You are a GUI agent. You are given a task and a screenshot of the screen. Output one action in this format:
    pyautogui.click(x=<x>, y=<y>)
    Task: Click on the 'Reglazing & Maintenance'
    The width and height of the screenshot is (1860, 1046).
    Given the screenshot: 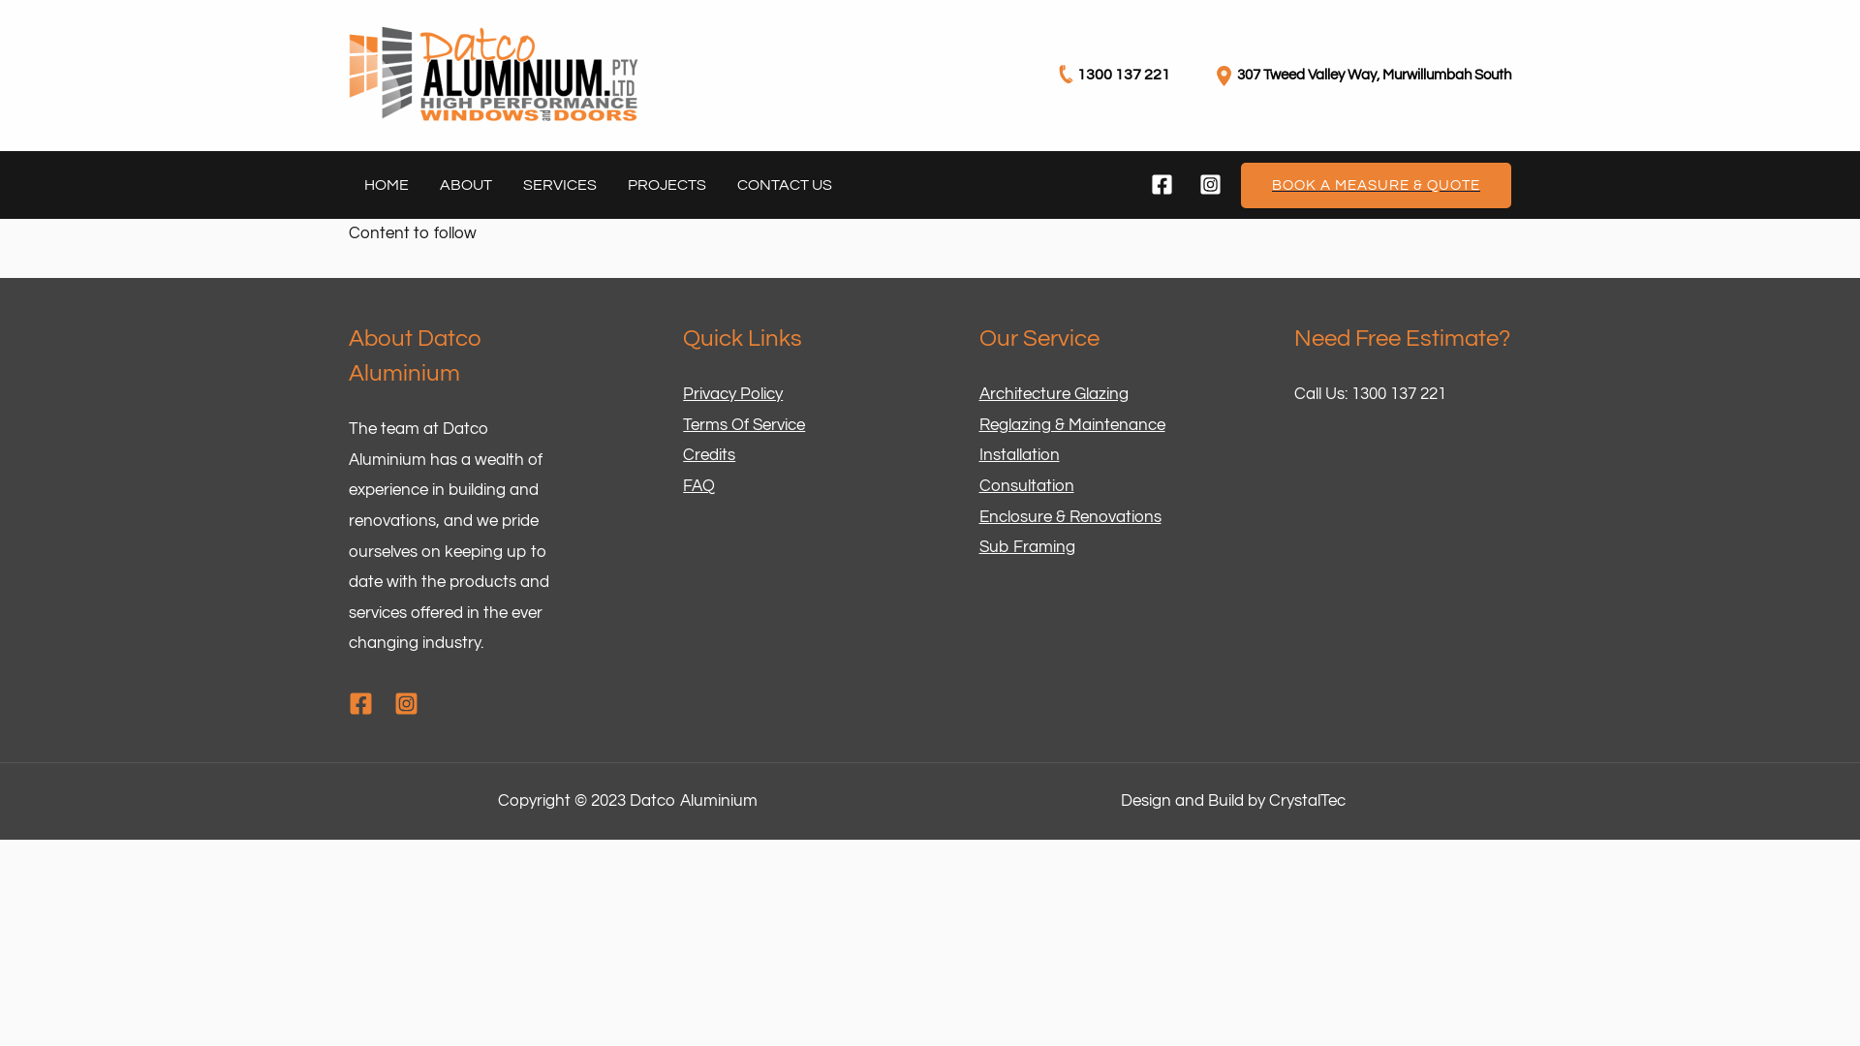 What is the action you would take?
    pyautogui.click(x=1069, y=424)
    